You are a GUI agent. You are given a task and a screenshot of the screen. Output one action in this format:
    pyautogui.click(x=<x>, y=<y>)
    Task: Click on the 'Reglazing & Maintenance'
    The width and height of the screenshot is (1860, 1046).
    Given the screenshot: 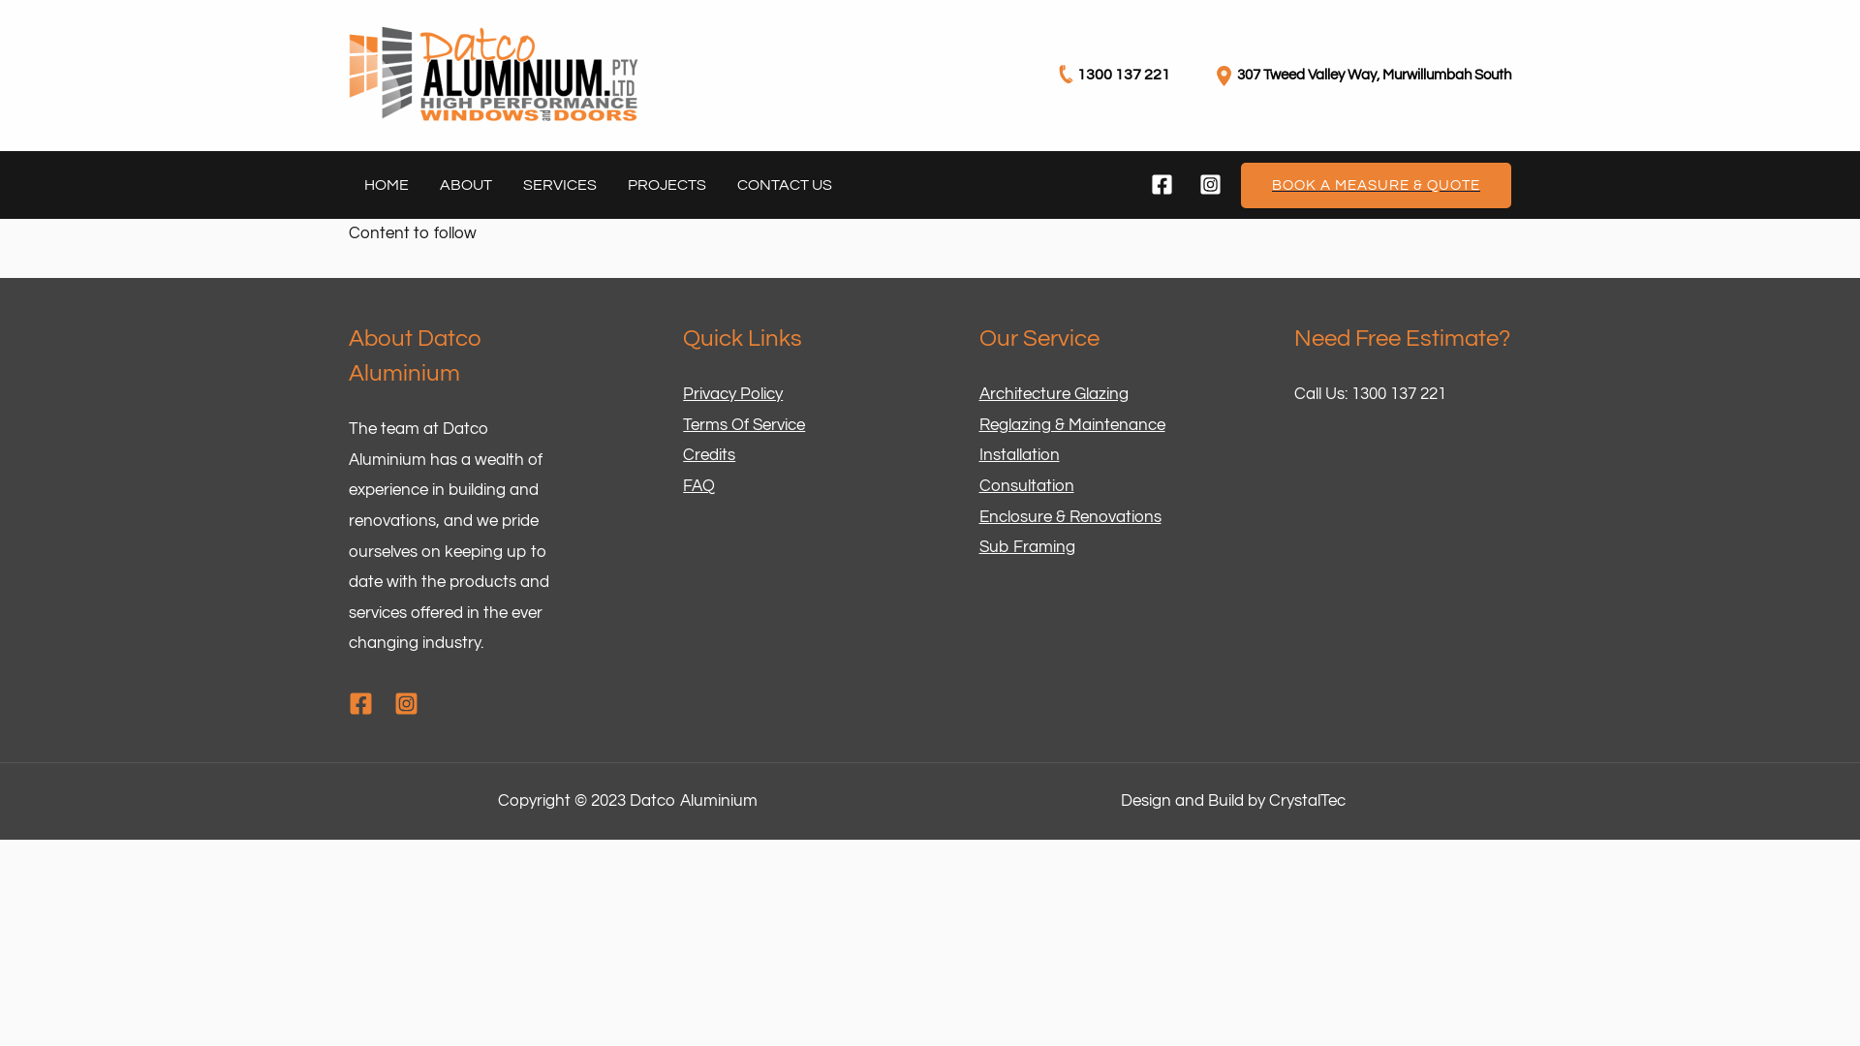 What is the action you would take?
    pyautogui.click(x=1069, y=424)
    